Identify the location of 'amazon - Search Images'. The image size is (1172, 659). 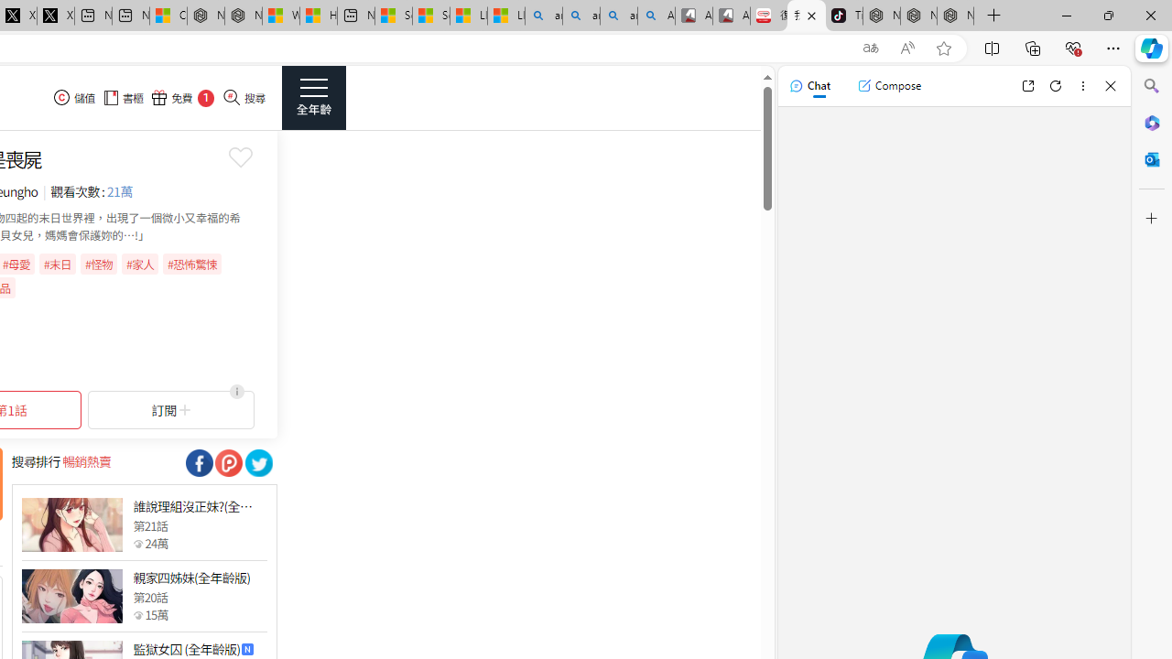
(618, 16).